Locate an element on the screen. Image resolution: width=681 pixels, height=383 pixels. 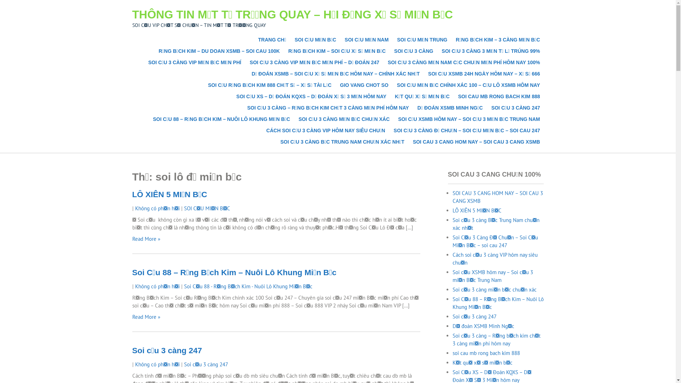
'SOI CAU MB RONG BACH KIM 888' is located at coordinates (498, 96).